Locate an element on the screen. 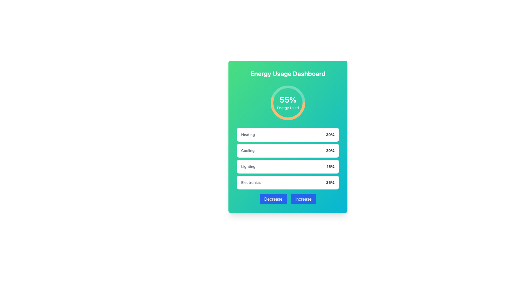  the 'Increase' button in the Button Group to increment the value, which is positioned at the bottom of the card-style dashboard is located at coordinates (288, 199).